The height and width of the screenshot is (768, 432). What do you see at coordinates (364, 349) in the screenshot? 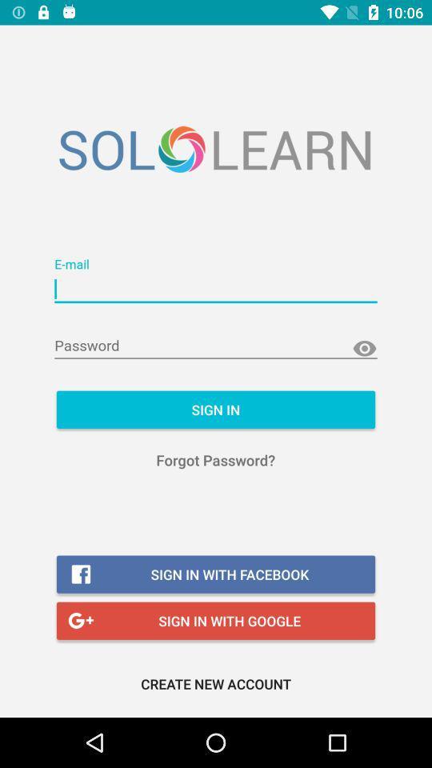
I see `the visibility icon` at bounding box center [364, 349].